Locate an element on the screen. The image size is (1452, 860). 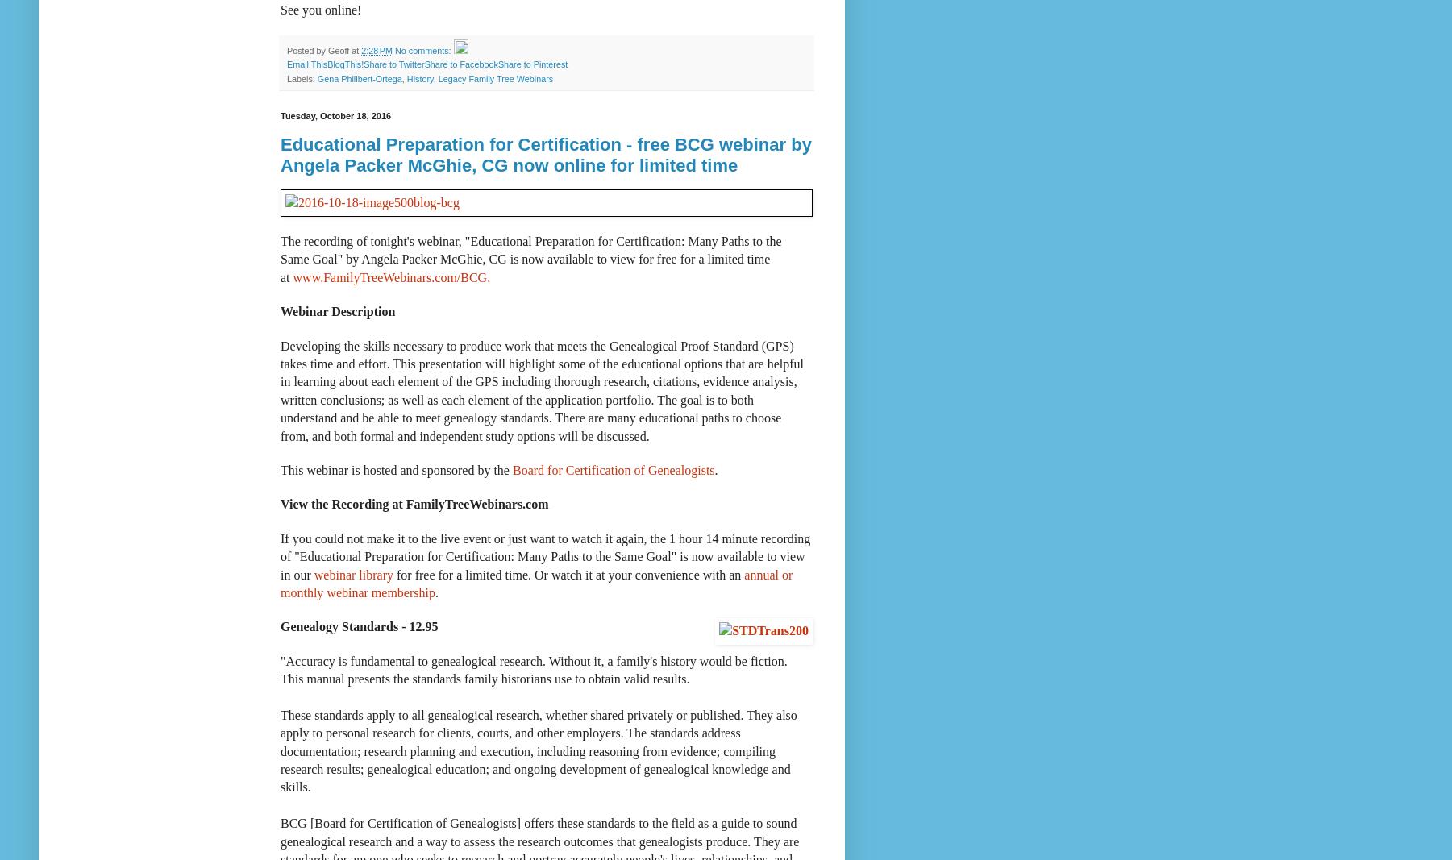
'Geoff' is located at coordinates (337, 49).